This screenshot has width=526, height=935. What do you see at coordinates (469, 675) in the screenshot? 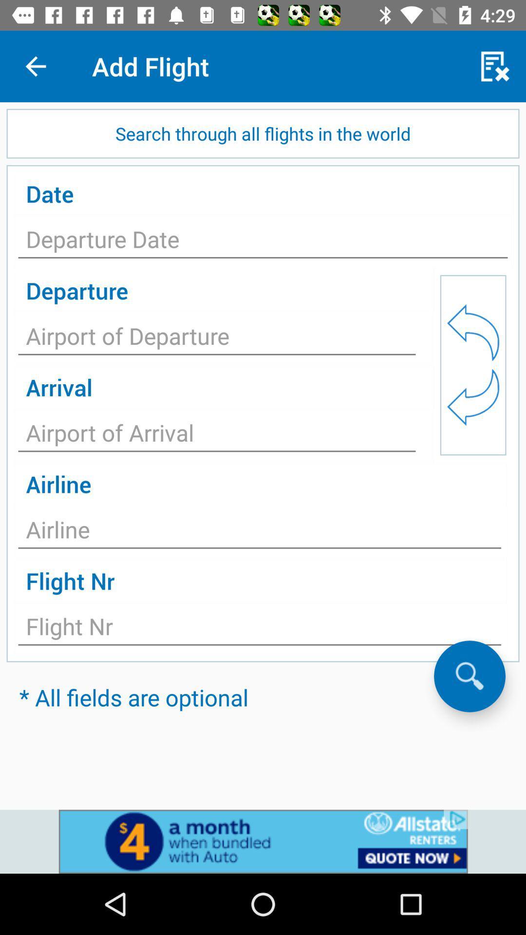
I see `search` at bounding box center [469, 675].